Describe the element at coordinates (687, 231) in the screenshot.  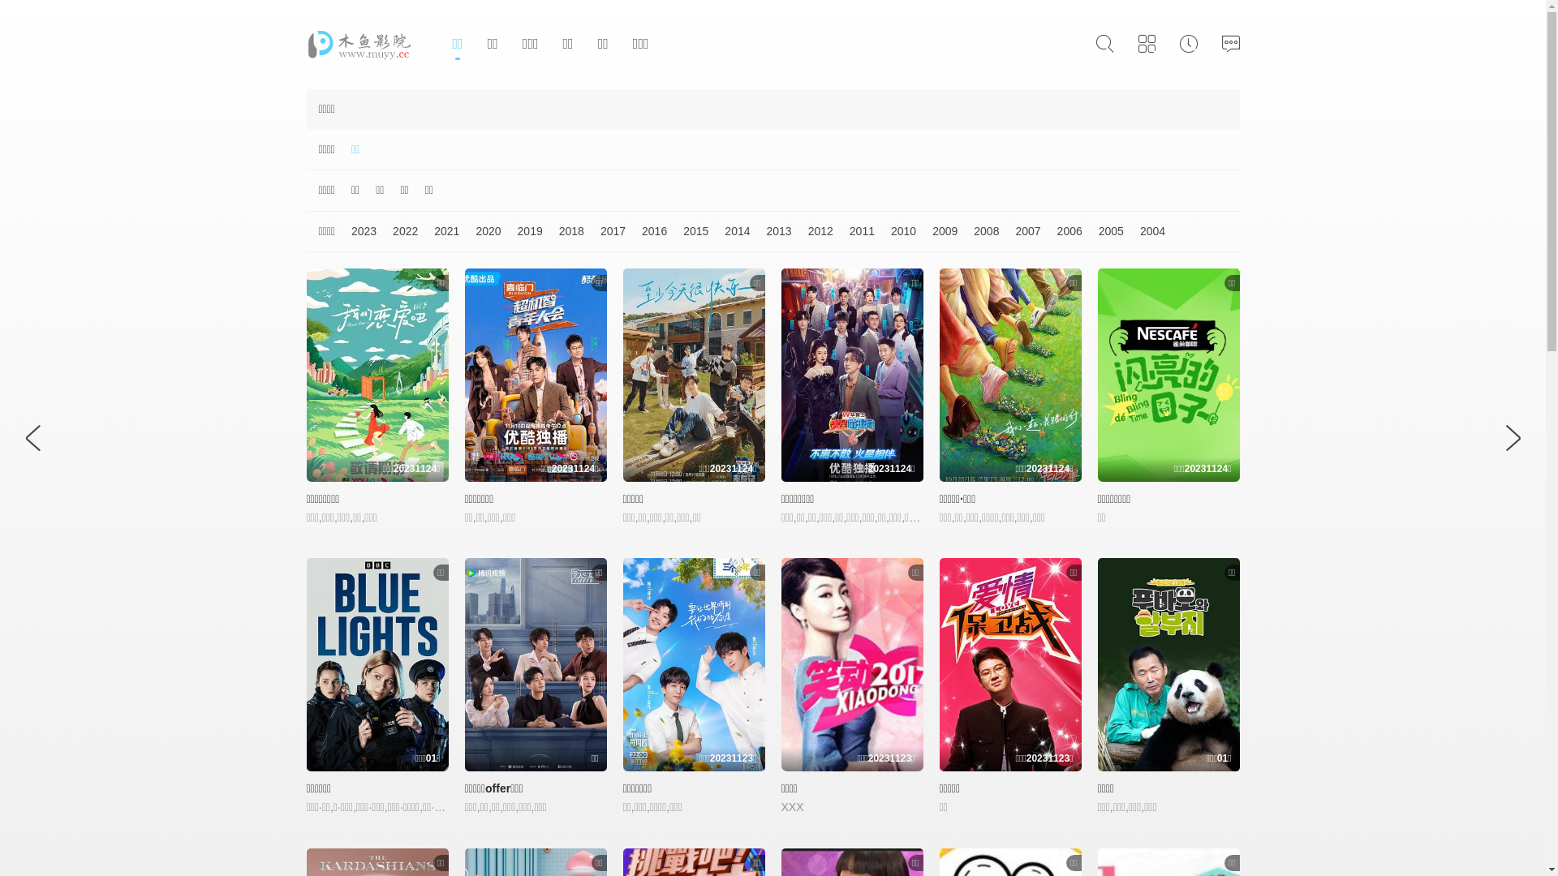
I see `'2015'` at that location.